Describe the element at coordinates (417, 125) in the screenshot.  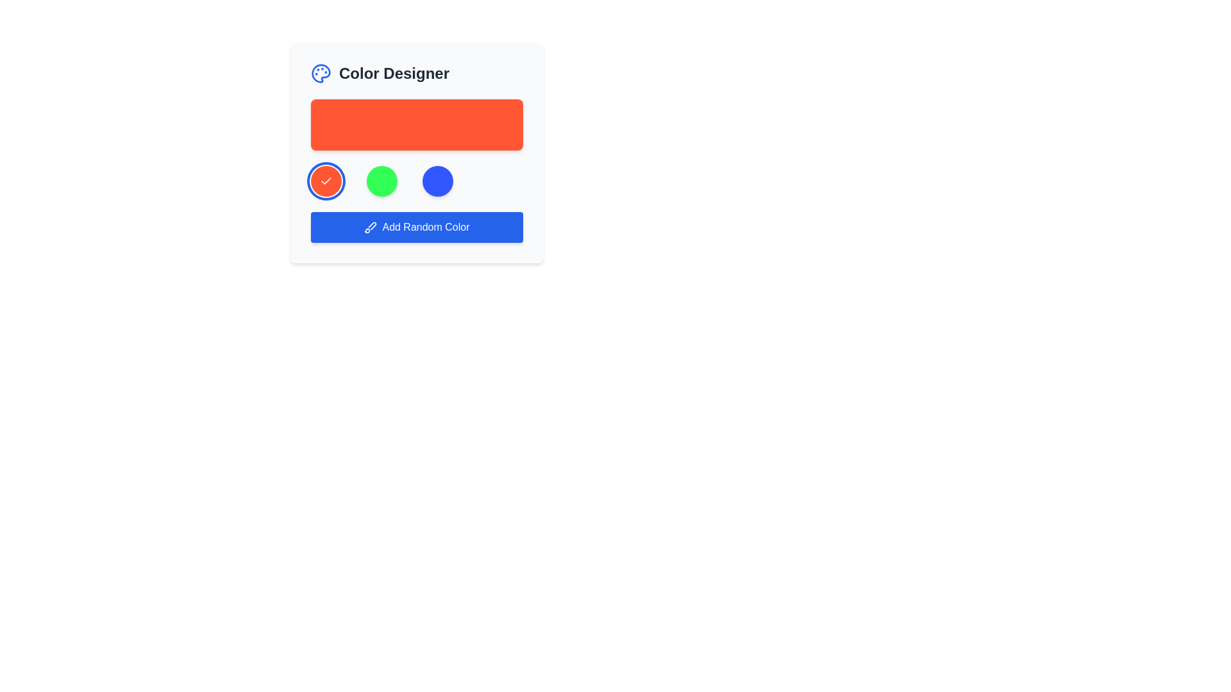
I see `the prominent static decorative element with a vivid orange background located under the 'Color Designer' title` at that location.